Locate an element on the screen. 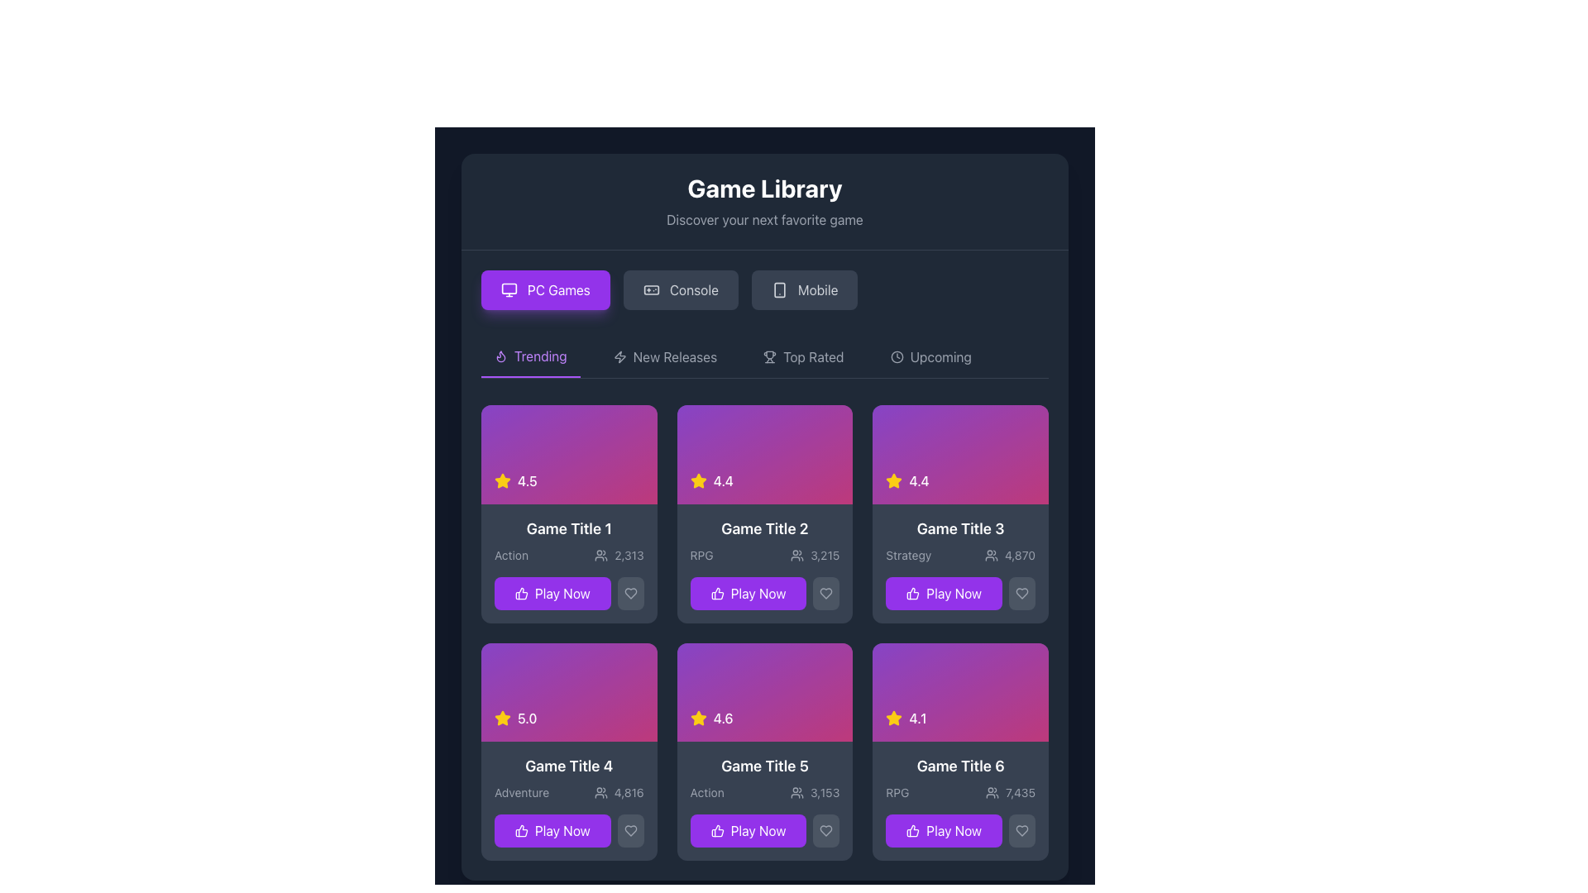 Image resolution: width=1588 pixels, height=893 pixels. the 'Top Rated' navigational tab, which is the third option in the horizontal menu bar located below the main category buttons in the 'Game Library' interface is located at coordinates (764, 356).